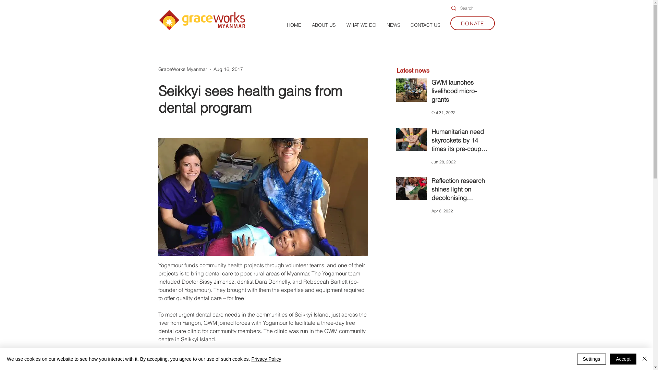 The image size is (658, 370). What do you see at coordinates (266, 359) in the screenshot?
I see `'Privacy Policy'` at bounding box center [266, 359].